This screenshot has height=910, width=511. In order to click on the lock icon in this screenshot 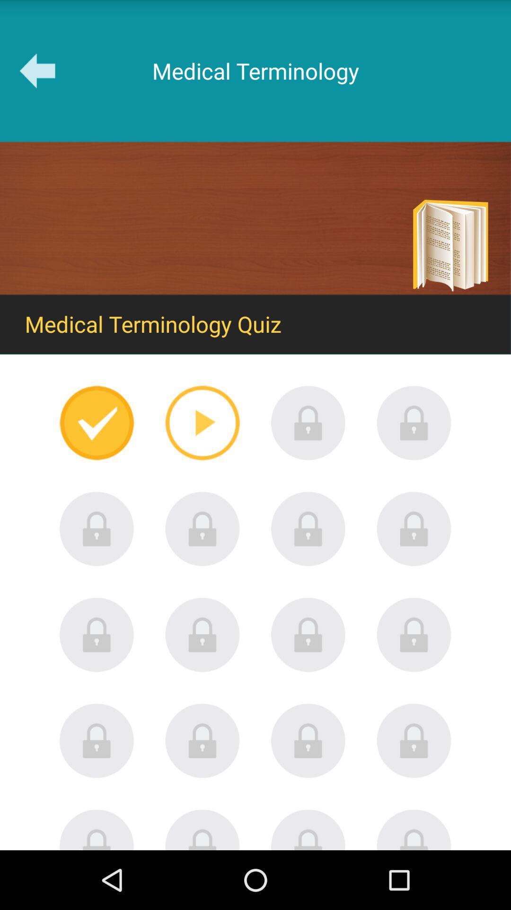, I will do `click(202, 679)`.